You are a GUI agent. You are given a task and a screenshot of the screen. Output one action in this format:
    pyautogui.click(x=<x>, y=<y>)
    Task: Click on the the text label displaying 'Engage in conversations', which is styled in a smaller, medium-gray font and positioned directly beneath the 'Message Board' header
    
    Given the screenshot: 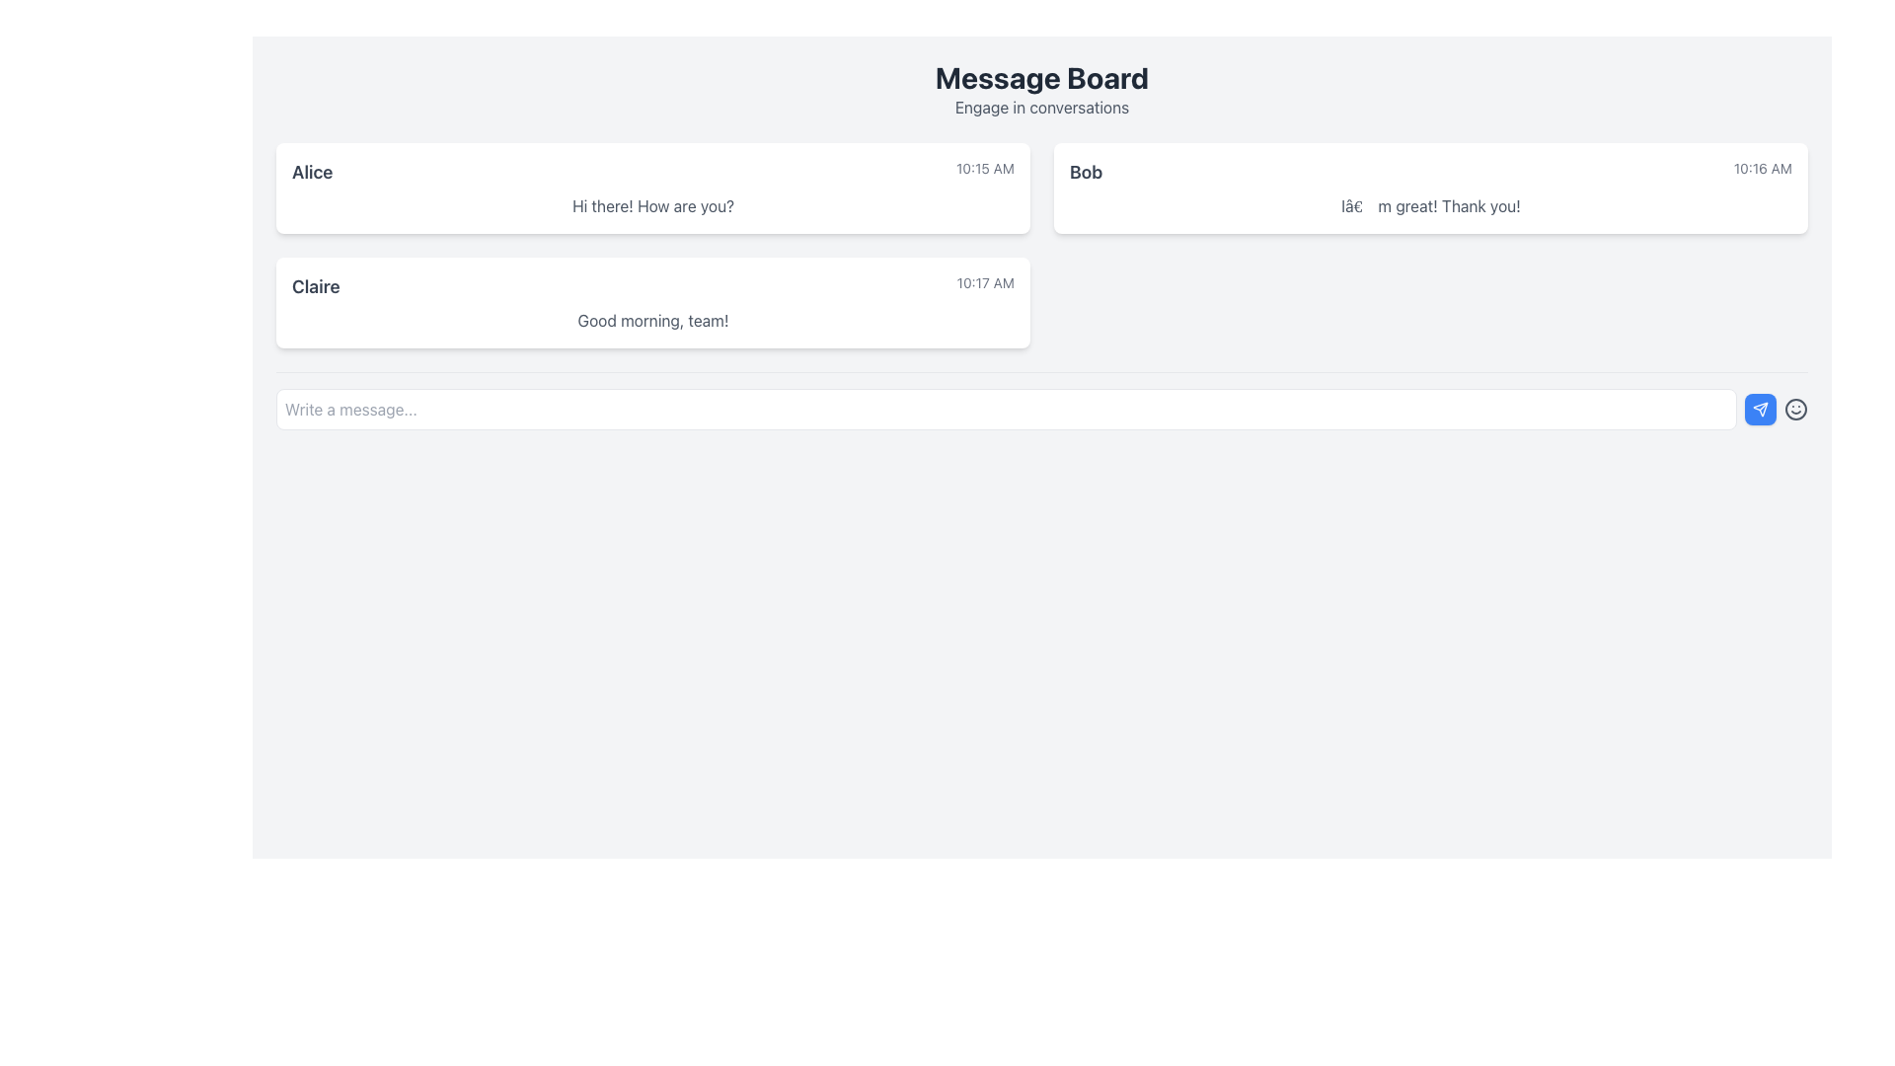 What is the action you would take?
    pyautogui.click(x=1041, y=107)
    